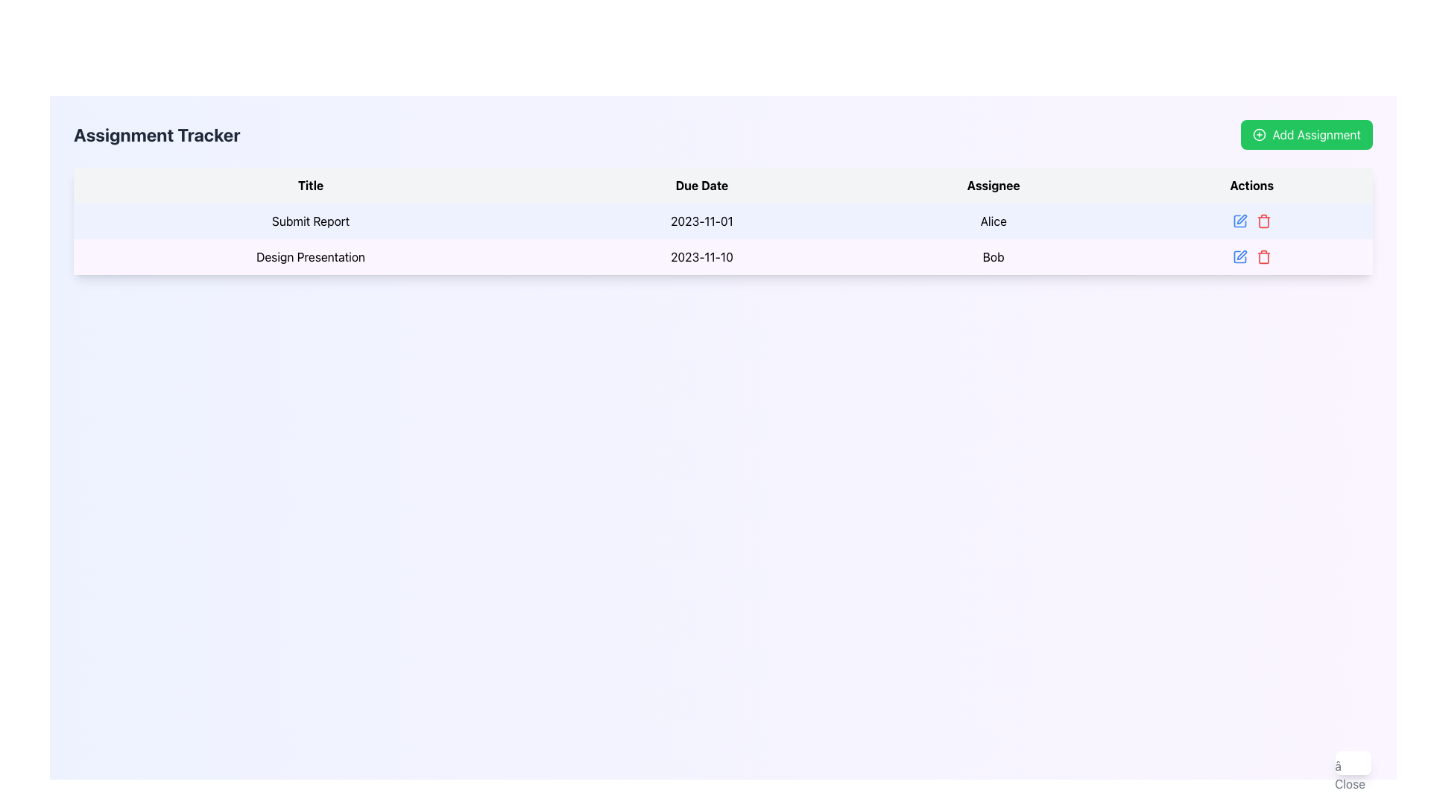  What do you see at coordinates (994, 221) in the screenshot?
I see `the text label displaying 'Alice', which is the third column in a row under the 'Assignee' header for the 'Submit Report' task` at bounding box center [994, 221].